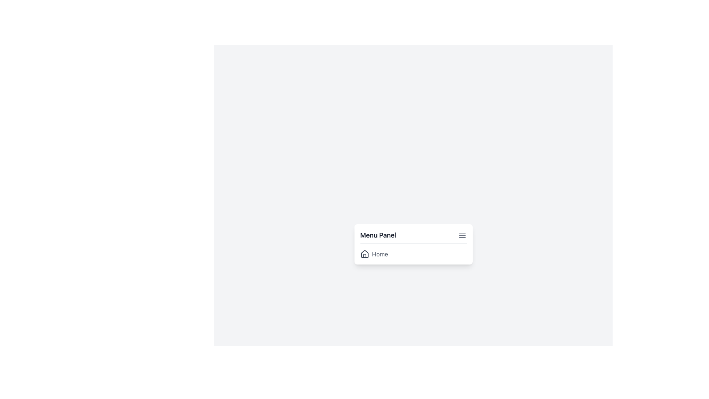 The image size is (709, 399). I want to click on the 'Home' navigation icon located to the left of the text 'Home' as a visual cue for navigating to the homepage, so click(364, 253).